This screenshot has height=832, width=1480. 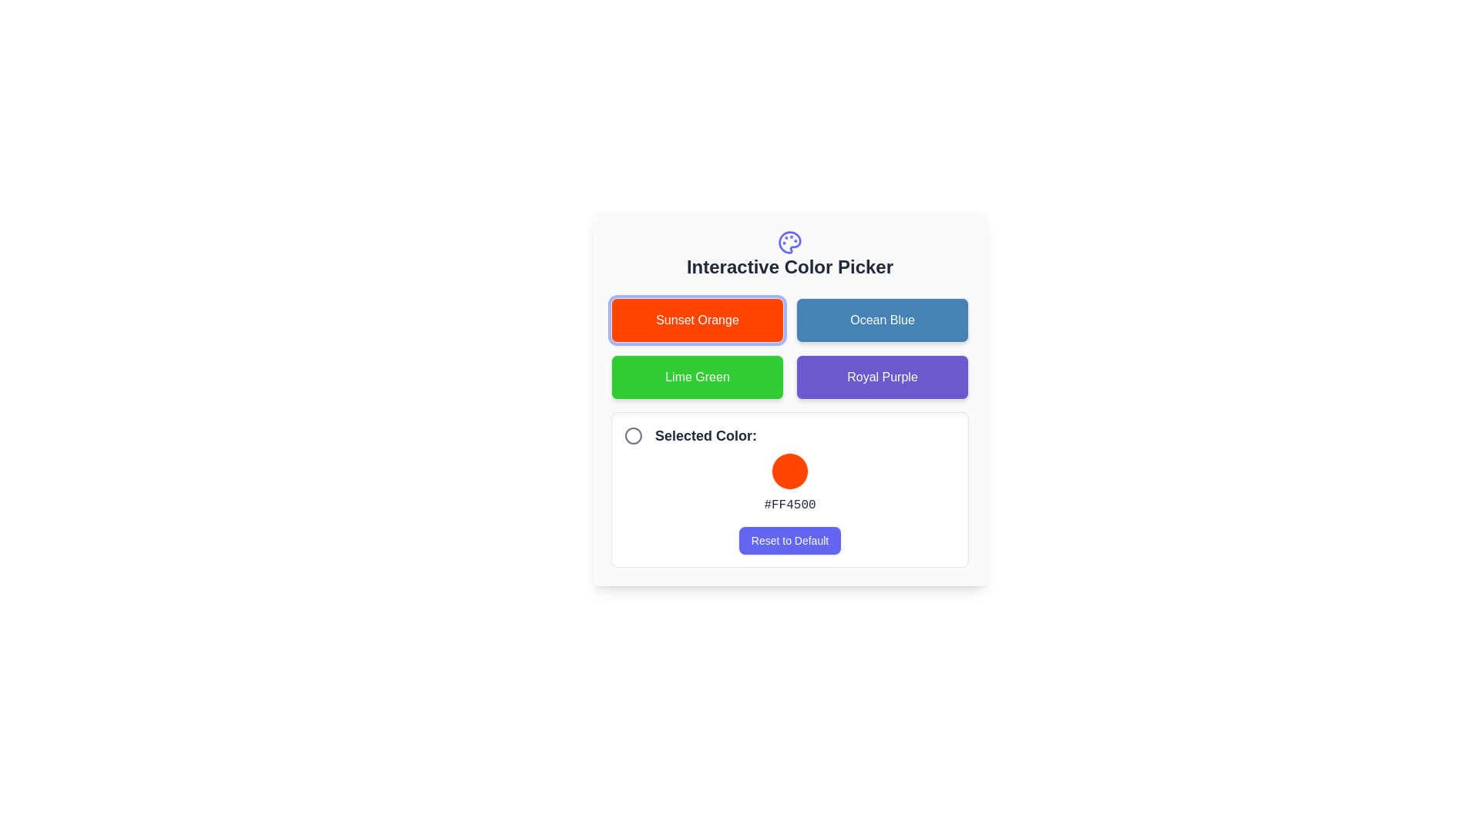 What do you see at coordinates (697, 377) in the screenshot?
I see `the lime green color selector button located below the 'Sunset Orange' button and to the left of the 'Royal Purple' button to set it as the active color choice` at bounding box center [697, 377].